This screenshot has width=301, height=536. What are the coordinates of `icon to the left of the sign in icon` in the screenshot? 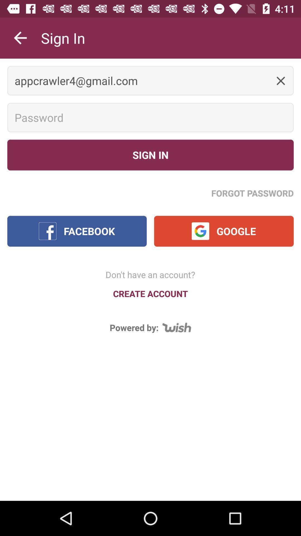 It's located at (20, 38).